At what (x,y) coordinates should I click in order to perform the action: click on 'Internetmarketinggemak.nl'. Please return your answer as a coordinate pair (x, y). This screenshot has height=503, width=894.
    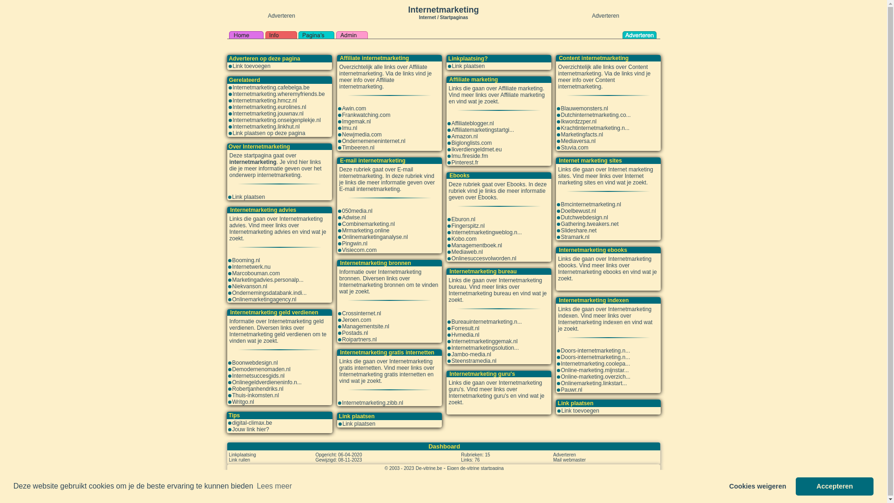
    Looking at the image, I should click on (484, 341).